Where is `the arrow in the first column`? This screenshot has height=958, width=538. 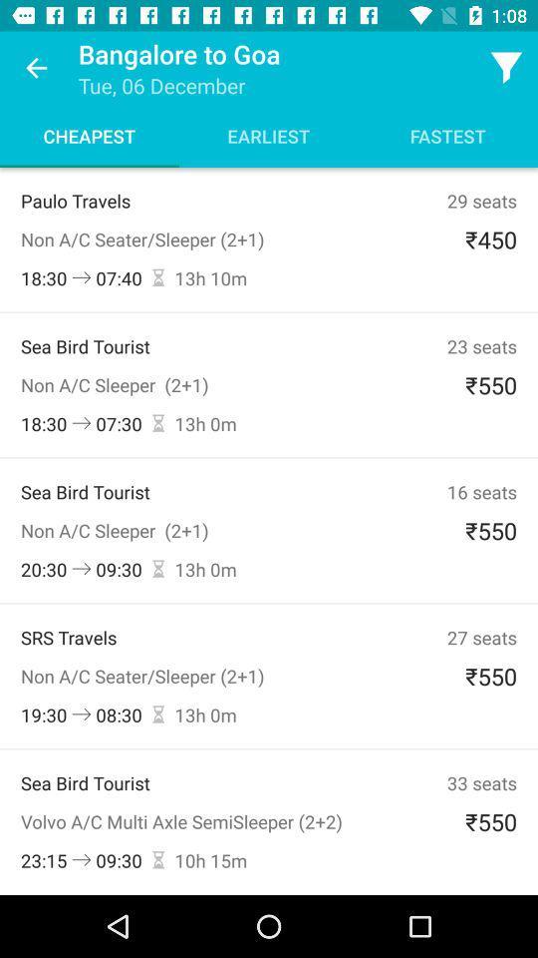
the arrow in the first column is located at coordinates (81, 276).